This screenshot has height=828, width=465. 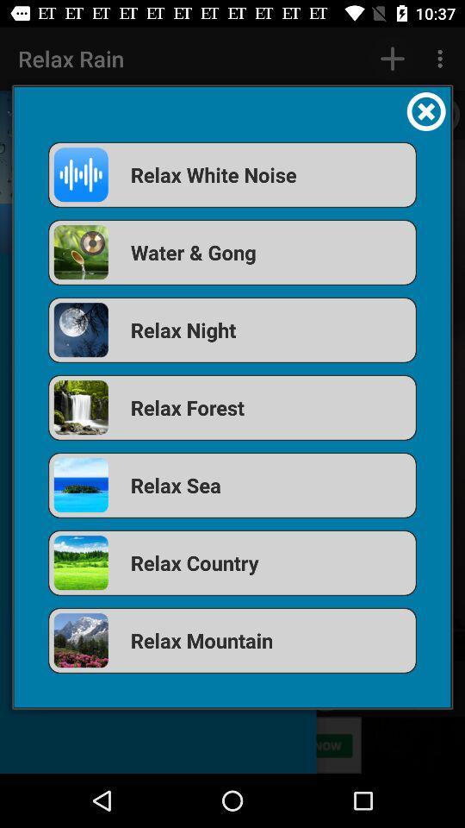 What do you see at coordinates (232, 485) in the screenshot?
I see `the app below the relax forest item` at bounding box center [232, 485].